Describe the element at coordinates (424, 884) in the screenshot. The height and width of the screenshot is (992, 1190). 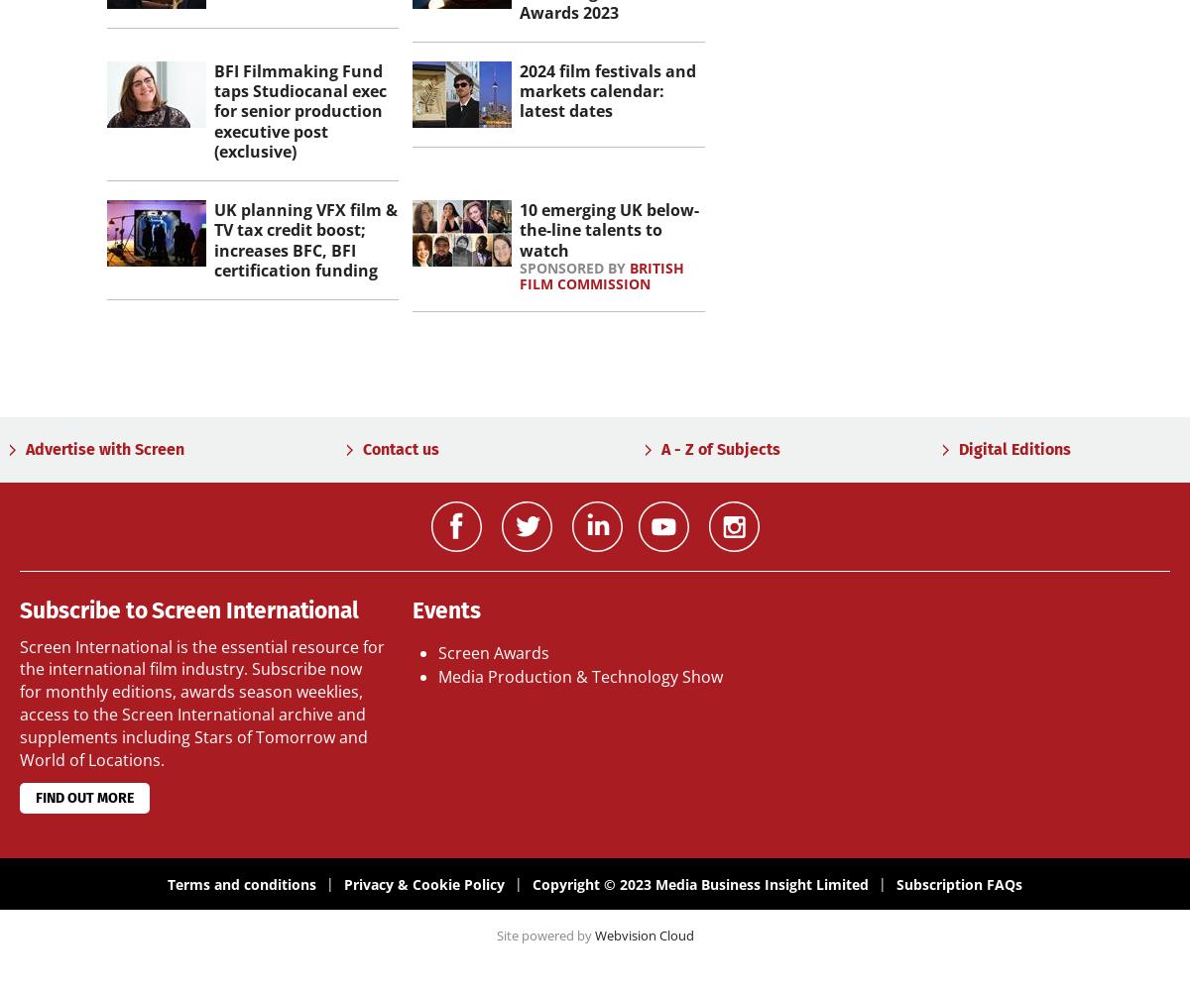
I see `'Privacy & Cookie Policy'` at that location.